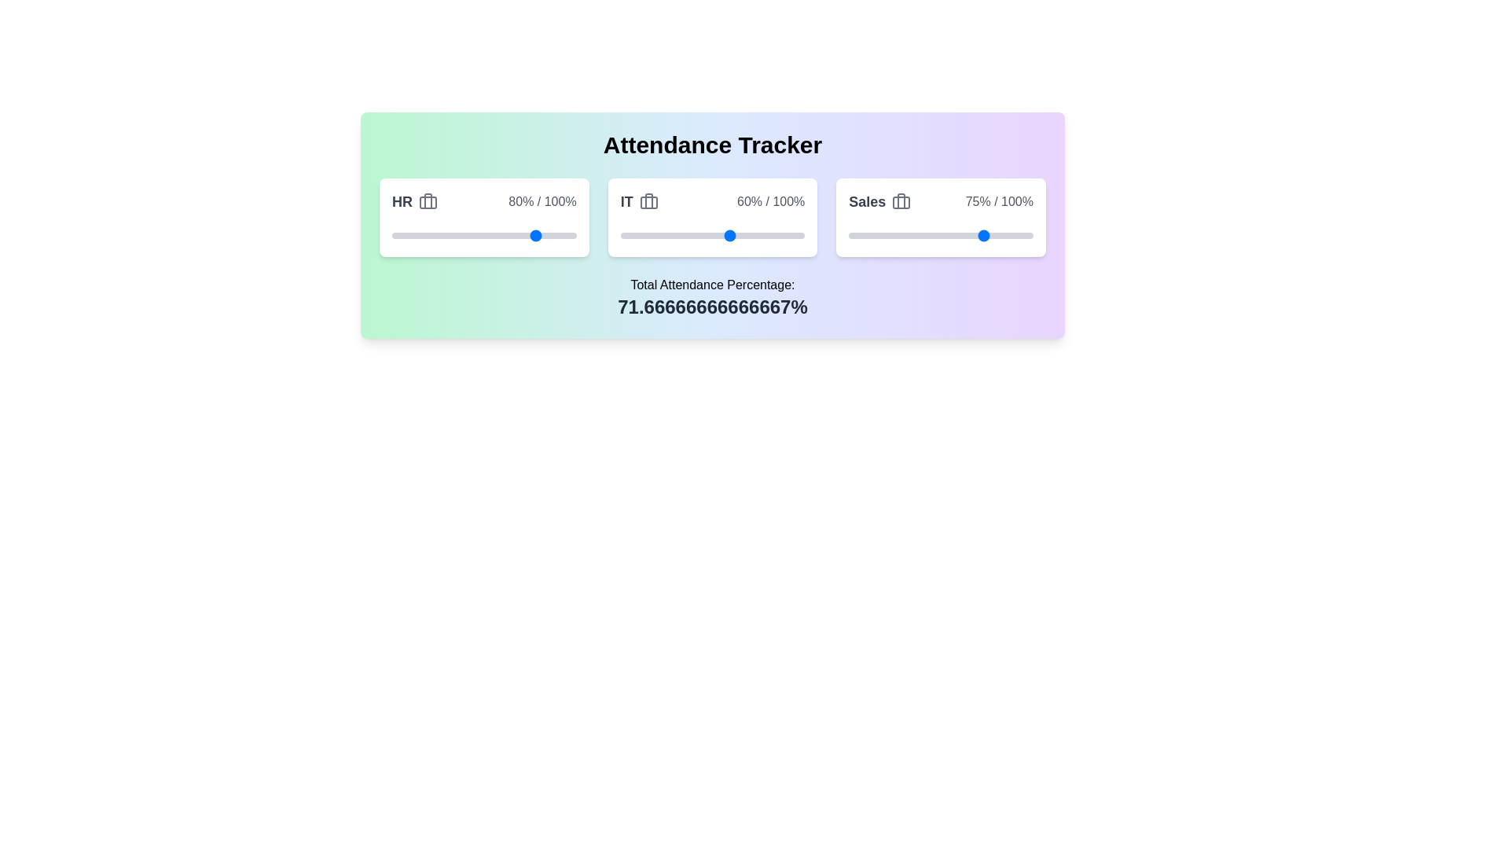 Image resolution: width=1509 pixels, height=849 pixels. I want to click on the slider's value, so click(913, 236).